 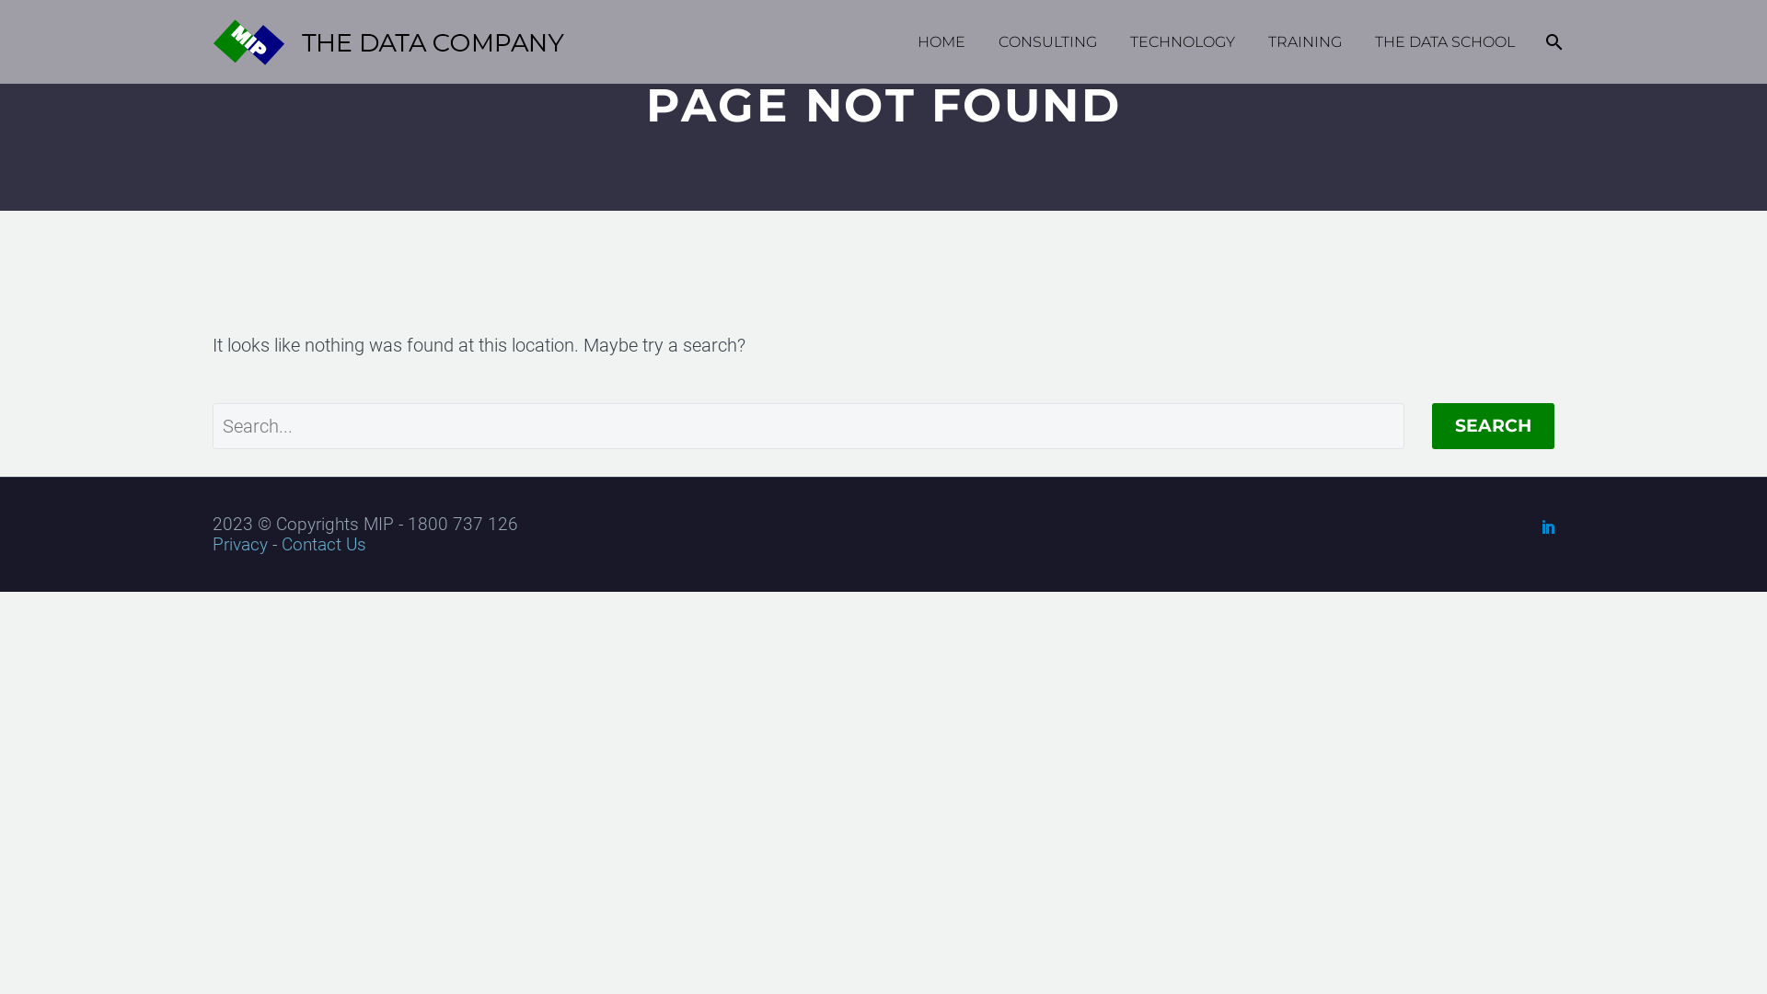 What do you see at coordinates (323, 543) in the screenshot?
I see `'Contact Us'` at bounding box center [323, 543].